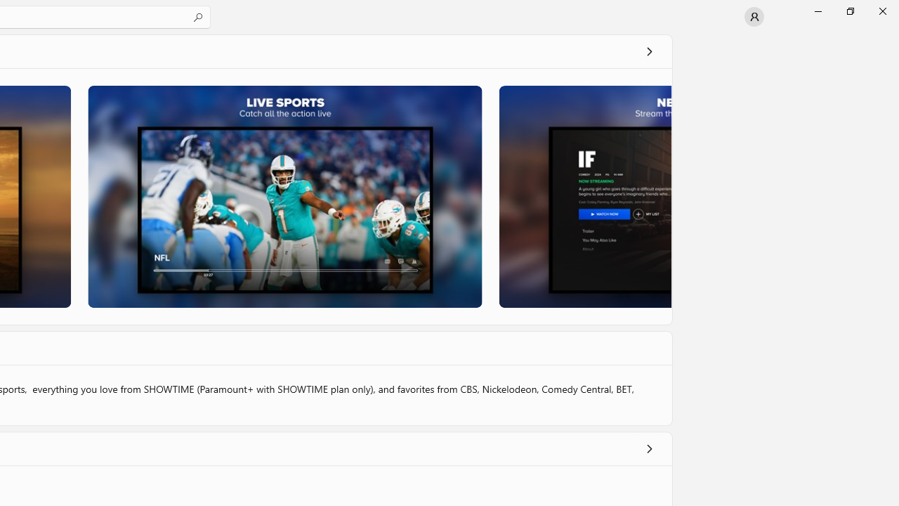 This screenshot has width=899, height=506. Describe the element at coordinates (881, 11) in the screenshot. I see `'Close Microsoft Store'` at that location.